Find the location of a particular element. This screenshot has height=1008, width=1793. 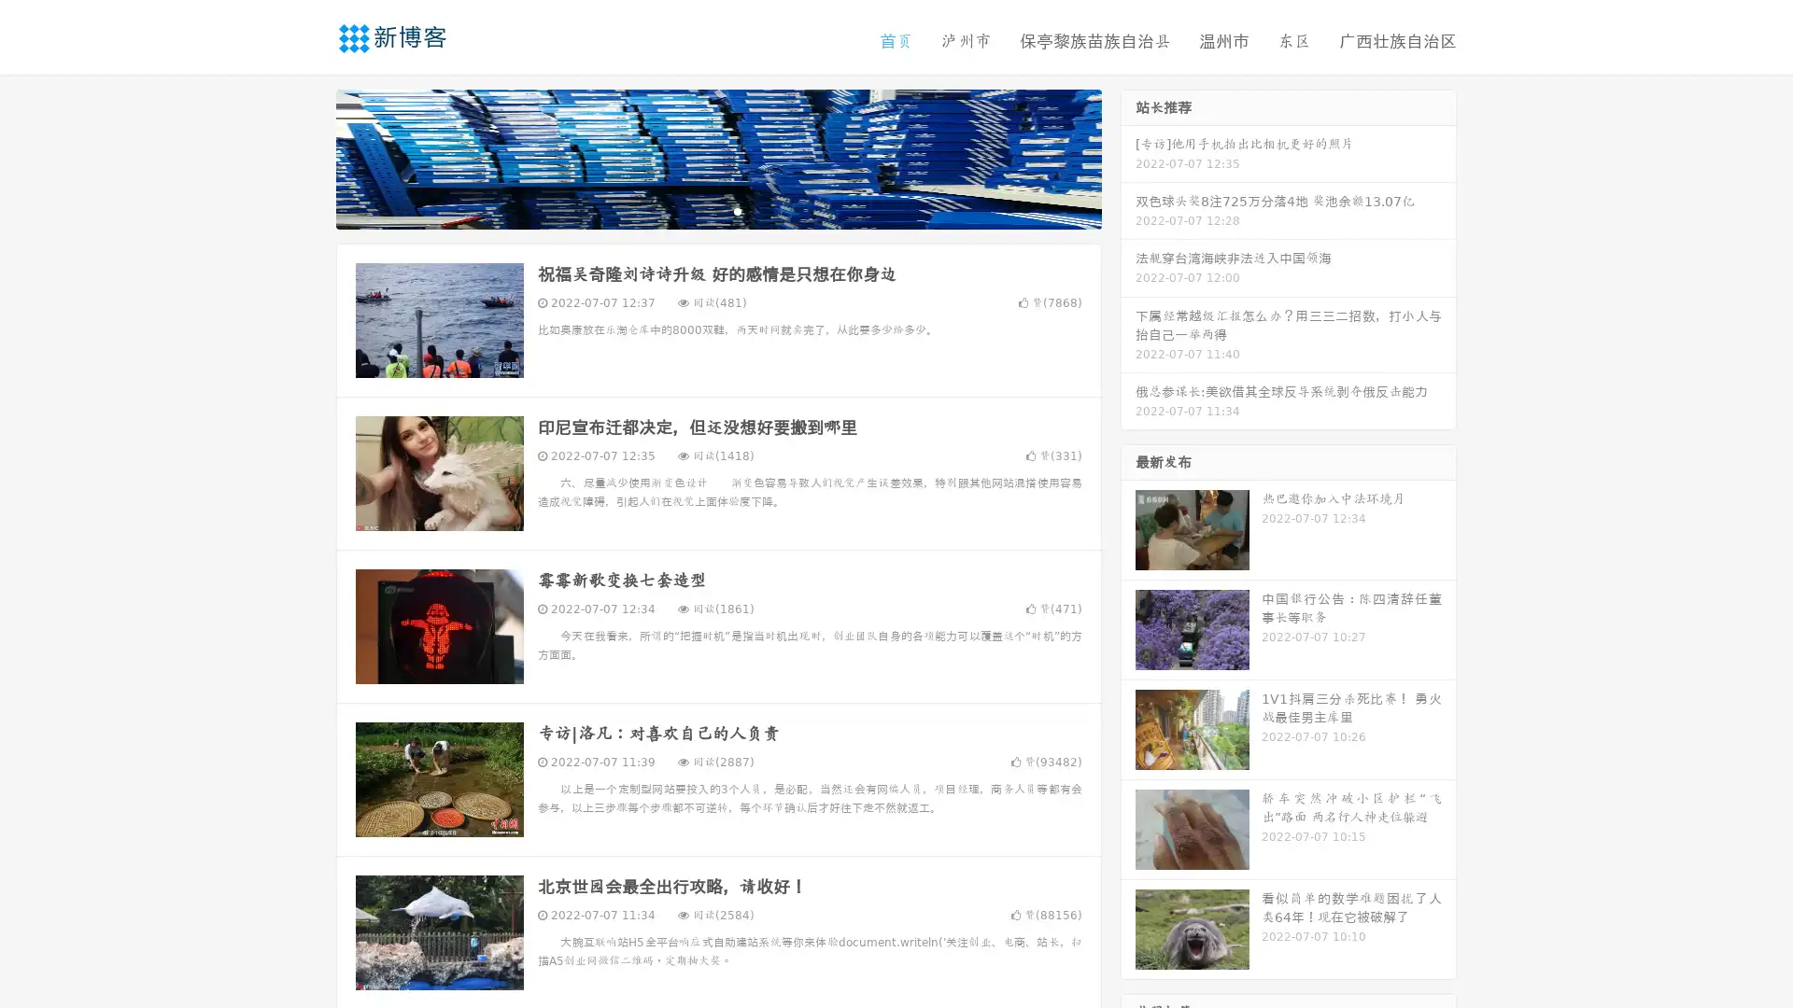

Previous slide is located at coordinates (308, 157).